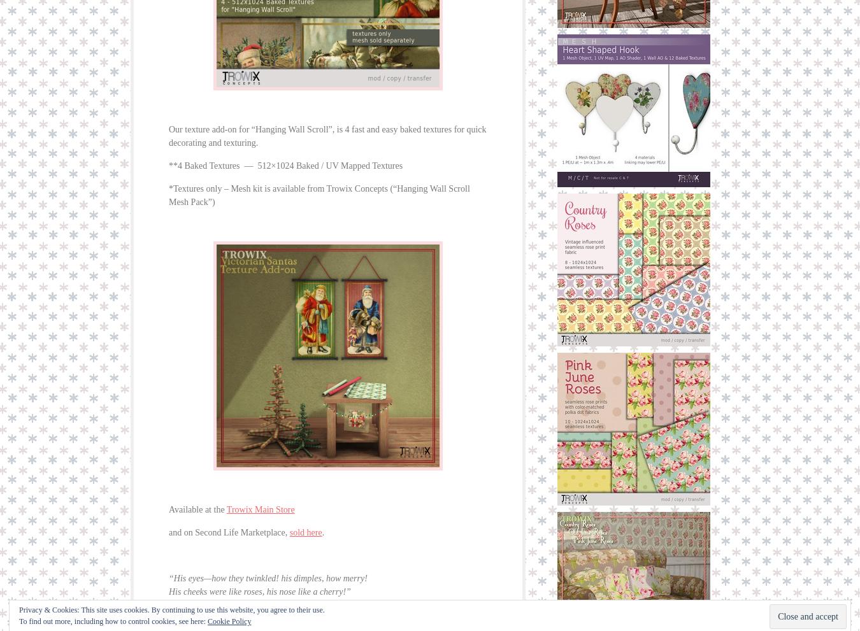 The width and height of the screenshot is (860, 631). Describe the element at coordinates (196, 509) in the screenshot. I see `'Available at the'` at that location.